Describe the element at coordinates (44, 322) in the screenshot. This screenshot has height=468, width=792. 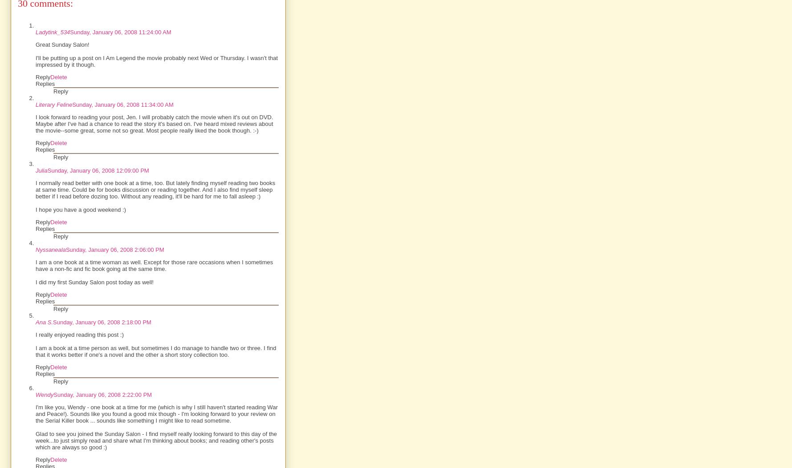
I see `'Ana S.'` at that location.